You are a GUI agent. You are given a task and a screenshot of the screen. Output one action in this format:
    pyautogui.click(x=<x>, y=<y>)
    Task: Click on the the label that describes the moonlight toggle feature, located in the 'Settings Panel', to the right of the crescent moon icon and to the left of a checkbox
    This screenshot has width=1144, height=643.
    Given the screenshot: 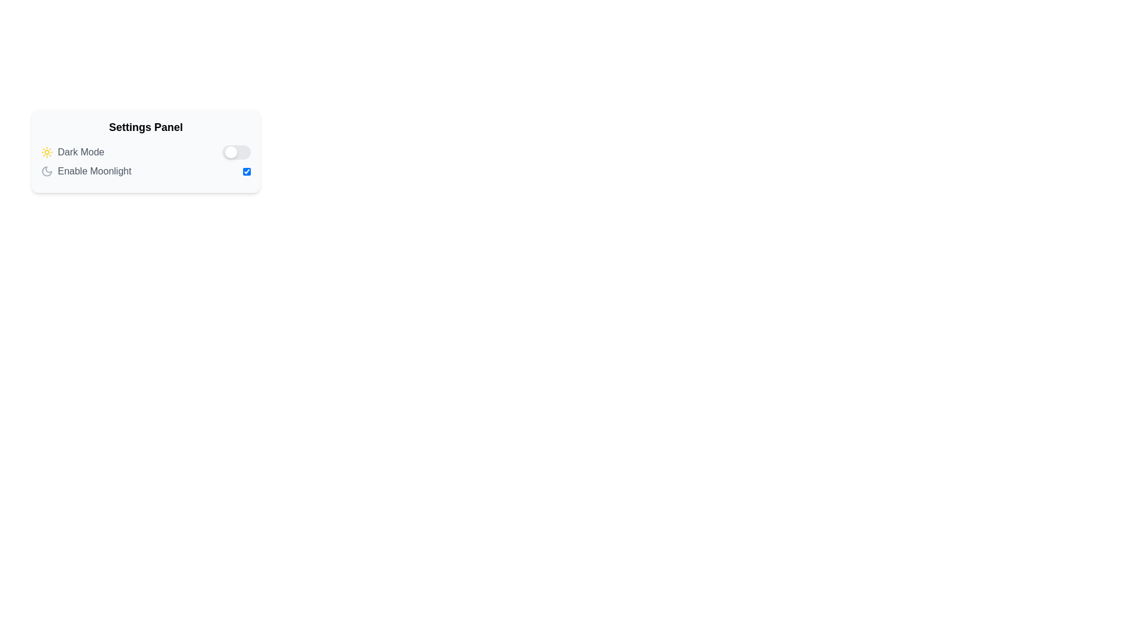 What is the action you would take?
    pyautogui.click(x=94, y=171)
    